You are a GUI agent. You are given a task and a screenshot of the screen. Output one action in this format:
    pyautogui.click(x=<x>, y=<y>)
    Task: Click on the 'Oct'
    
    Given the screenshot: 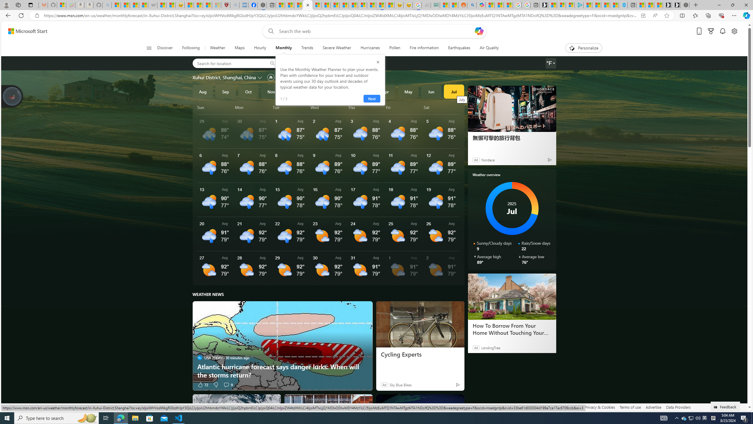 What is the action you would take?
    pyautogui.click(x=248, y=91)
    